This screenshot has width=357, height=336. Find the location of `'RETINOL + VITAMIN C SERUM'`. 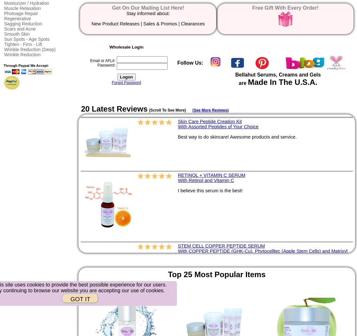

'RETINOL + VITAMIN C SERUM' is located at coordinates (211, 175).